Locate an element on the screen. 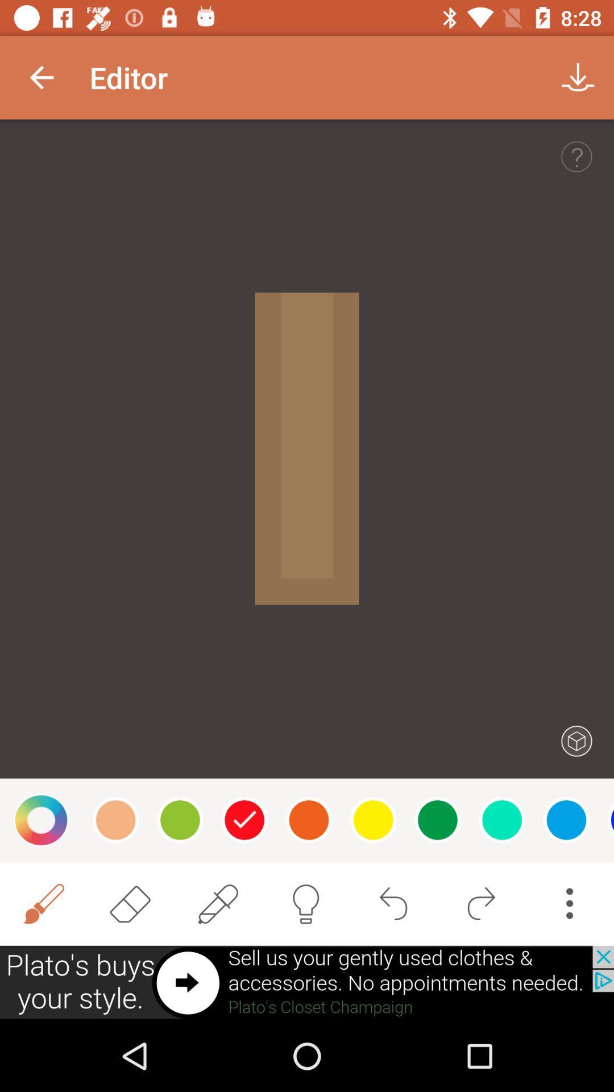 This screenshot has width=614, height=1092. open advertisement is located at coordinates (307, 982).